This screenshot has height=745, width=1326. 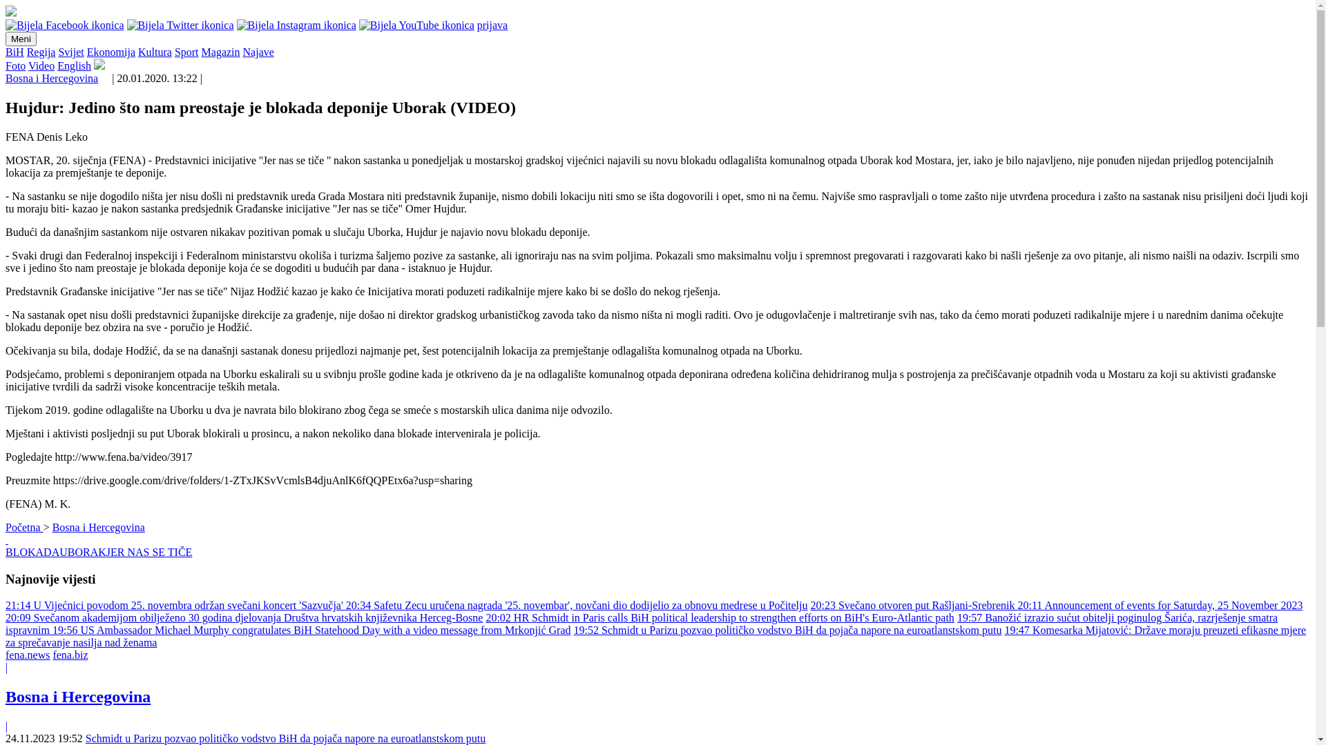 I want to click on 'Regija', so click(x=41, y=51).